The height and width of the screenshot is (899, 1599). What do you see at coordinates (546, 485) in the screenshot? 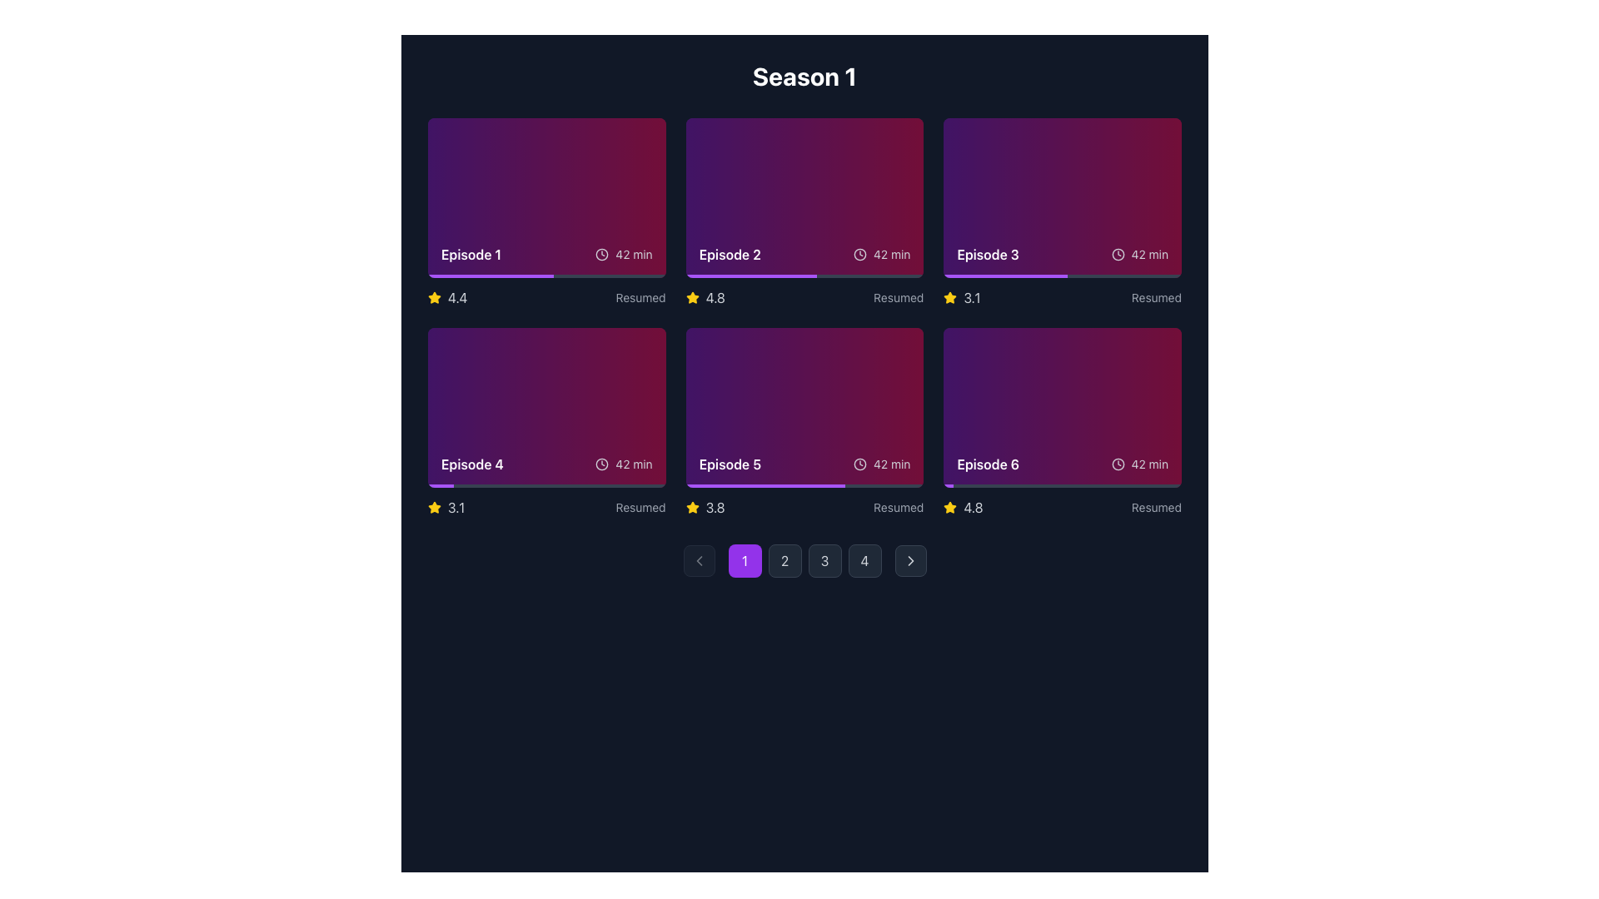
I see `the horizontal progress bar located at the bottom of the 'Episode 4' card, which is filled approximately 11% in purple and has a gray background` at bounding box center [546, 485].